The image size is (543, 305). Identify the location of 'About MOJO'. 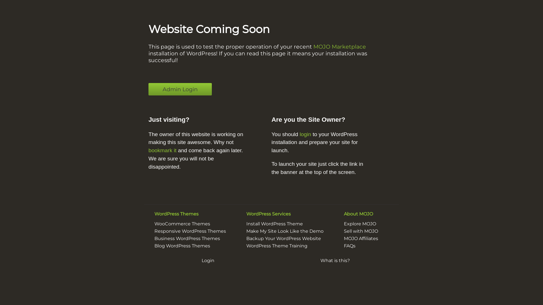
(358, 214).